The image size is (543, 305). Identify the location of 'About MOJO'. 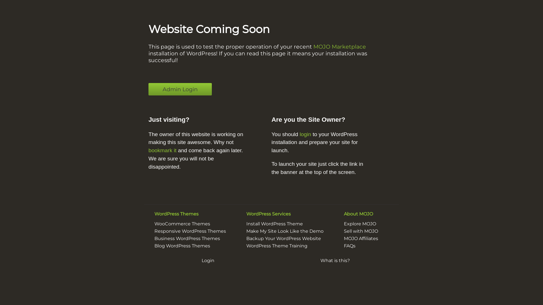
(358, 214).